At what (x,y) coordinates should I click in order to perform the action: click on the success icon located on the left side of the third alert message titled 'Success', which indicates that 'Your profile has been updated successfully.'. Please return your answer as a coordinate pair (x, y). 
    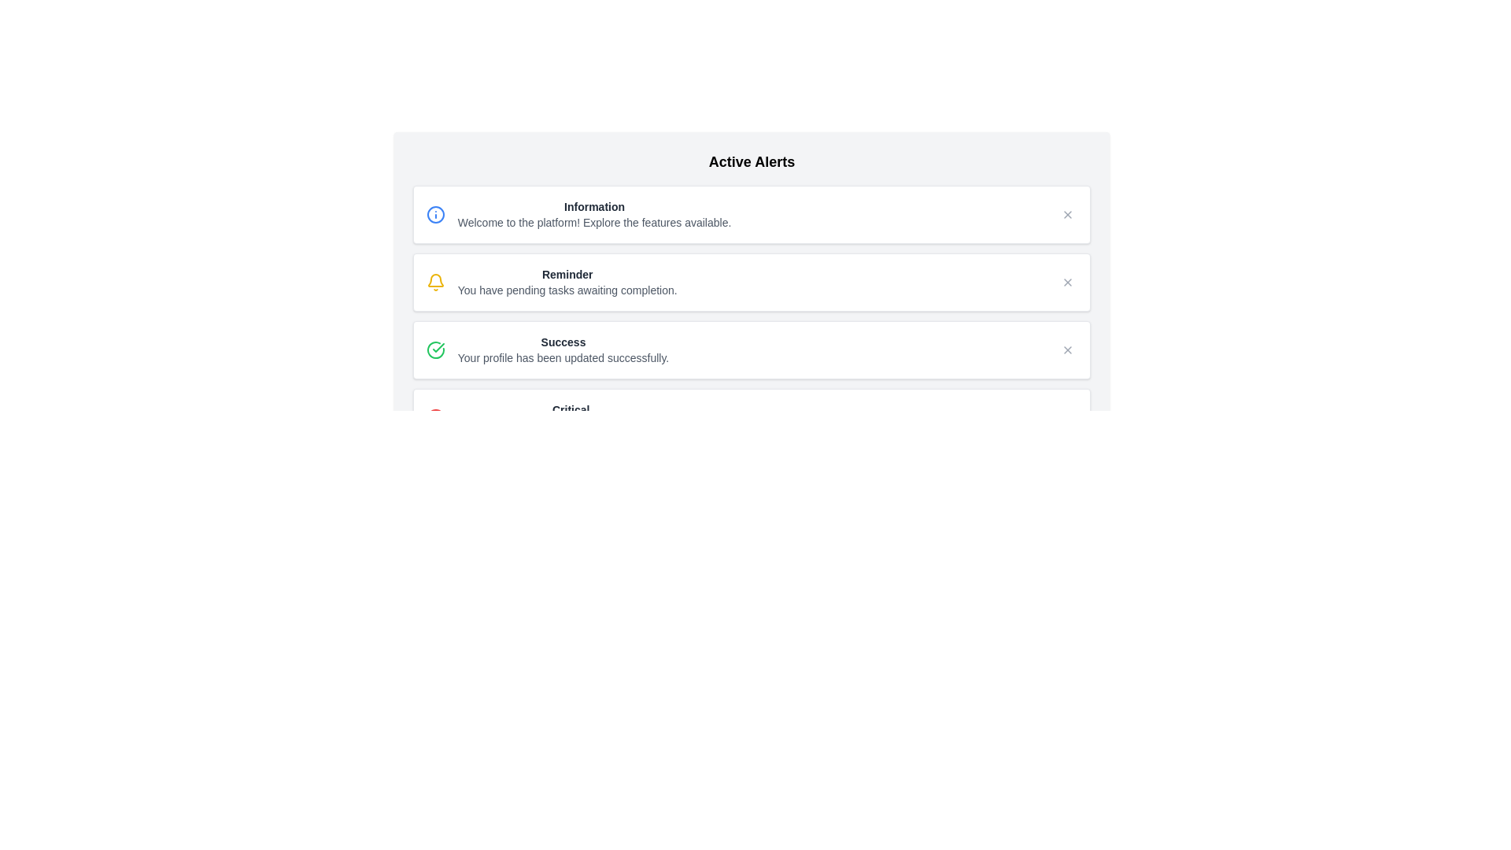
    Looking at the image, I should click on (435, 349).